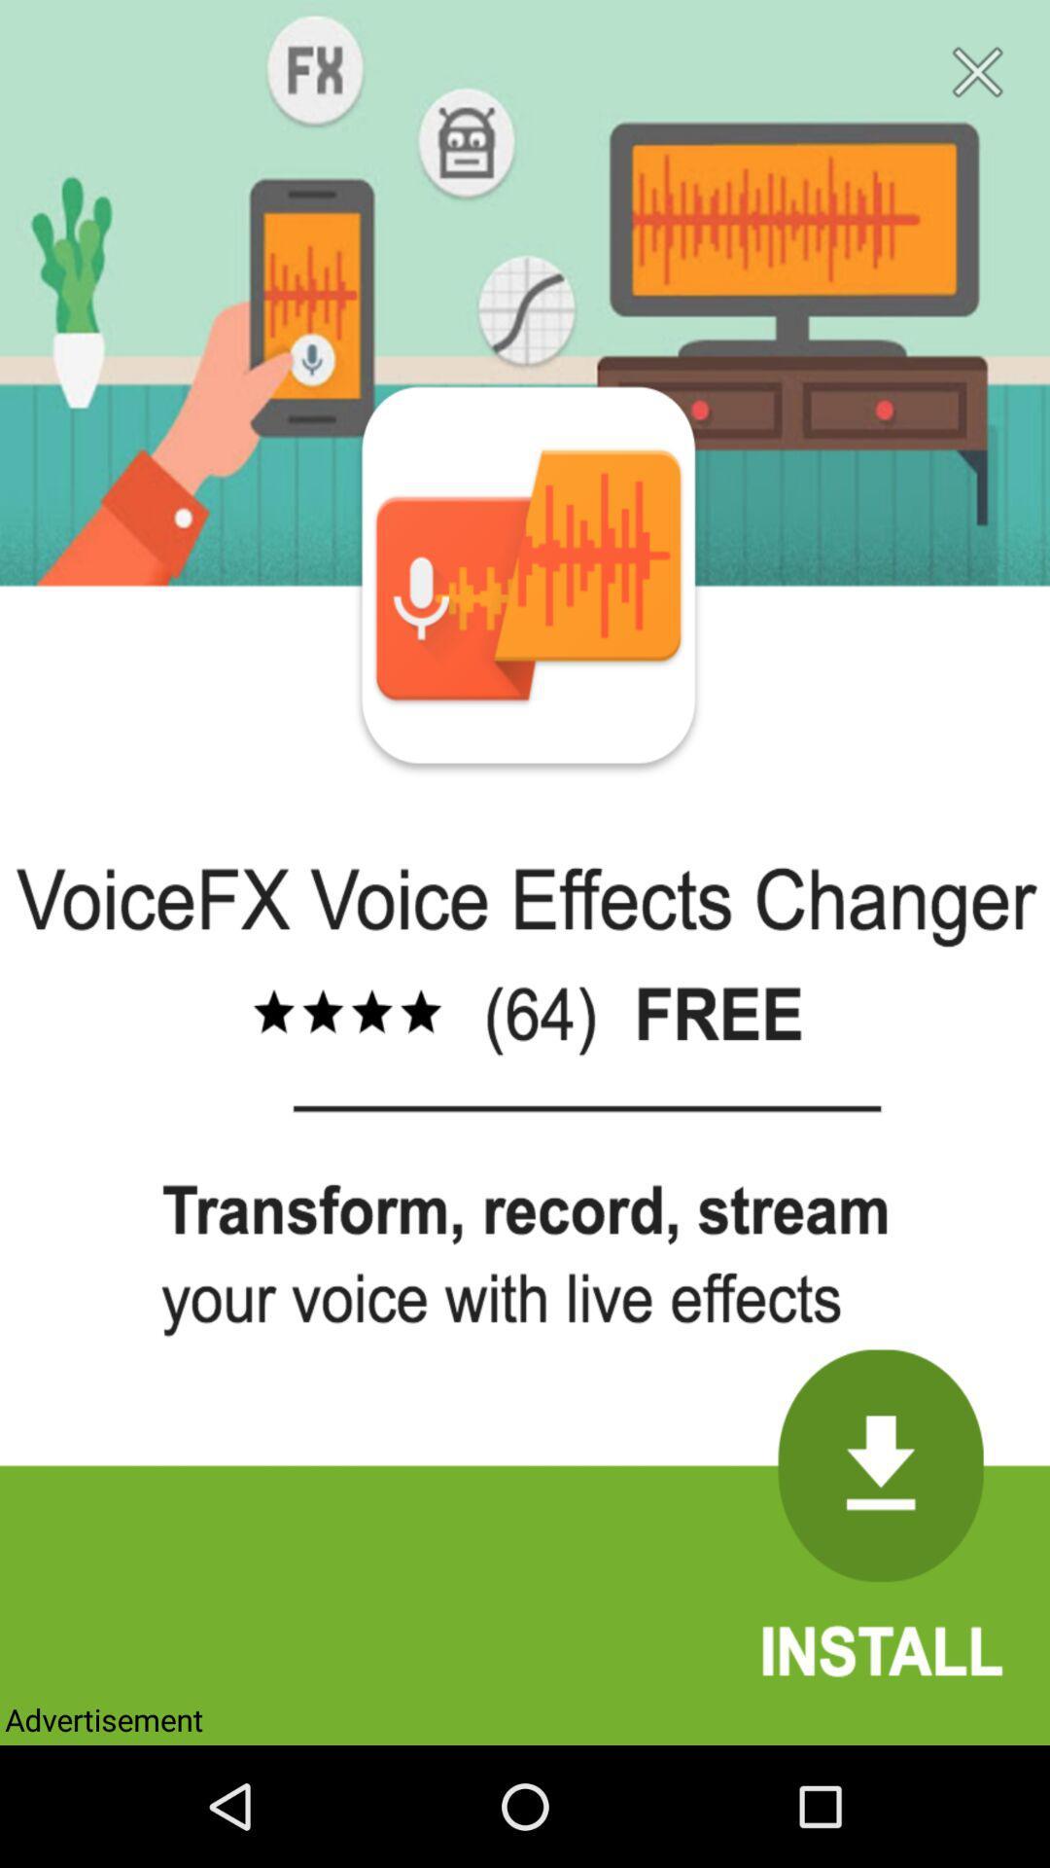 The width and height of the screenshot is (1050, 1868). What do you see at coordinates (977, 72) in the screenshot?
I see `screen` at bounding box center [977, 72].